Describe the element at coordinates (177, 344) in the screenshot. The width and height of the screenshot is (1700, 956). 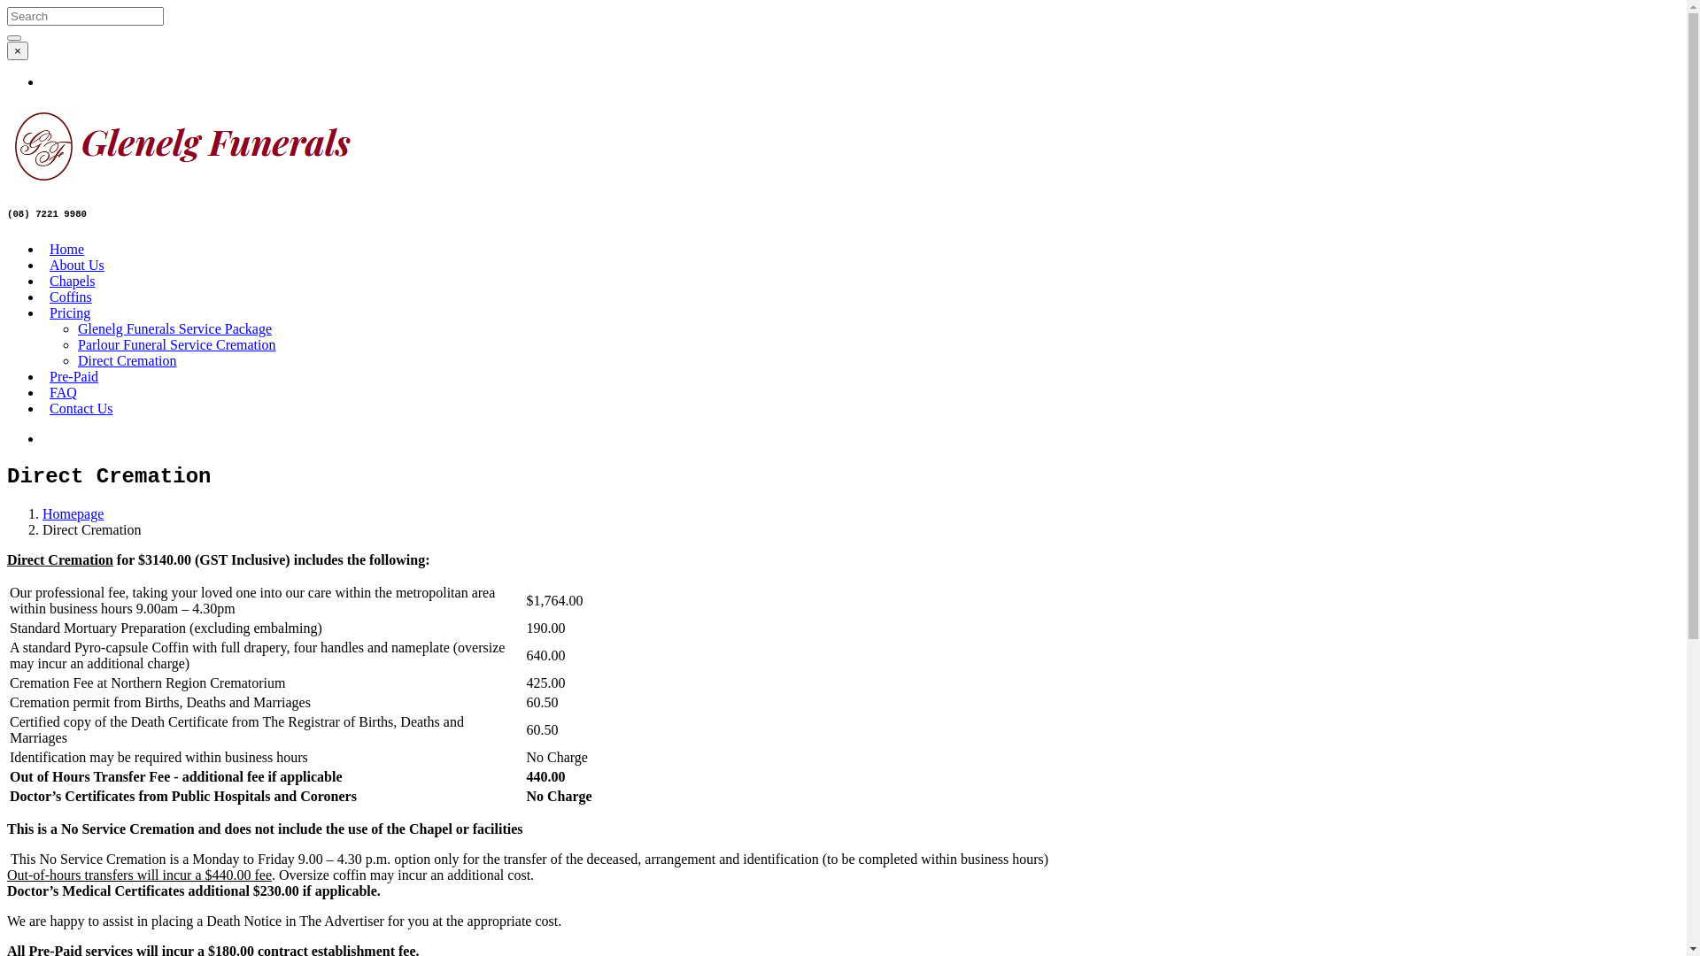
I see `'Parlour Funeral Service Cremation'` at that location.